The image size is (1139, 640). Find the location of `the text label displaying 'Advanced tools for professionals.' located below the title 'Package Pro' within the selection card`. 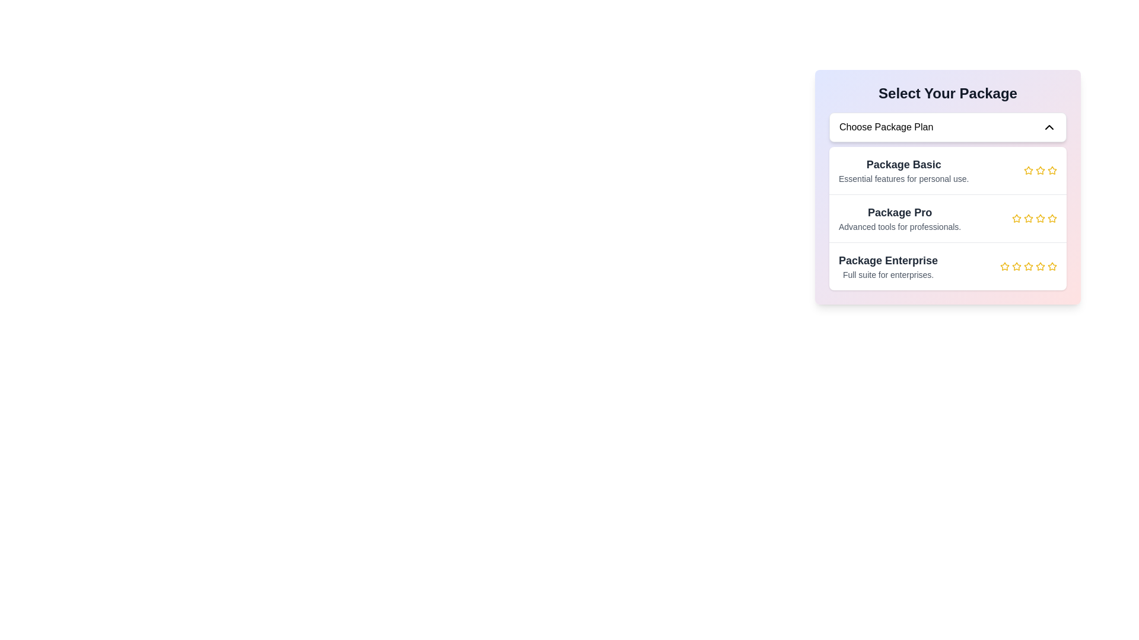

the text label displaying 'Advanced tools for professionals.' located below the title 'Package Pro' within the selection card is located at coordinates (900, 226).